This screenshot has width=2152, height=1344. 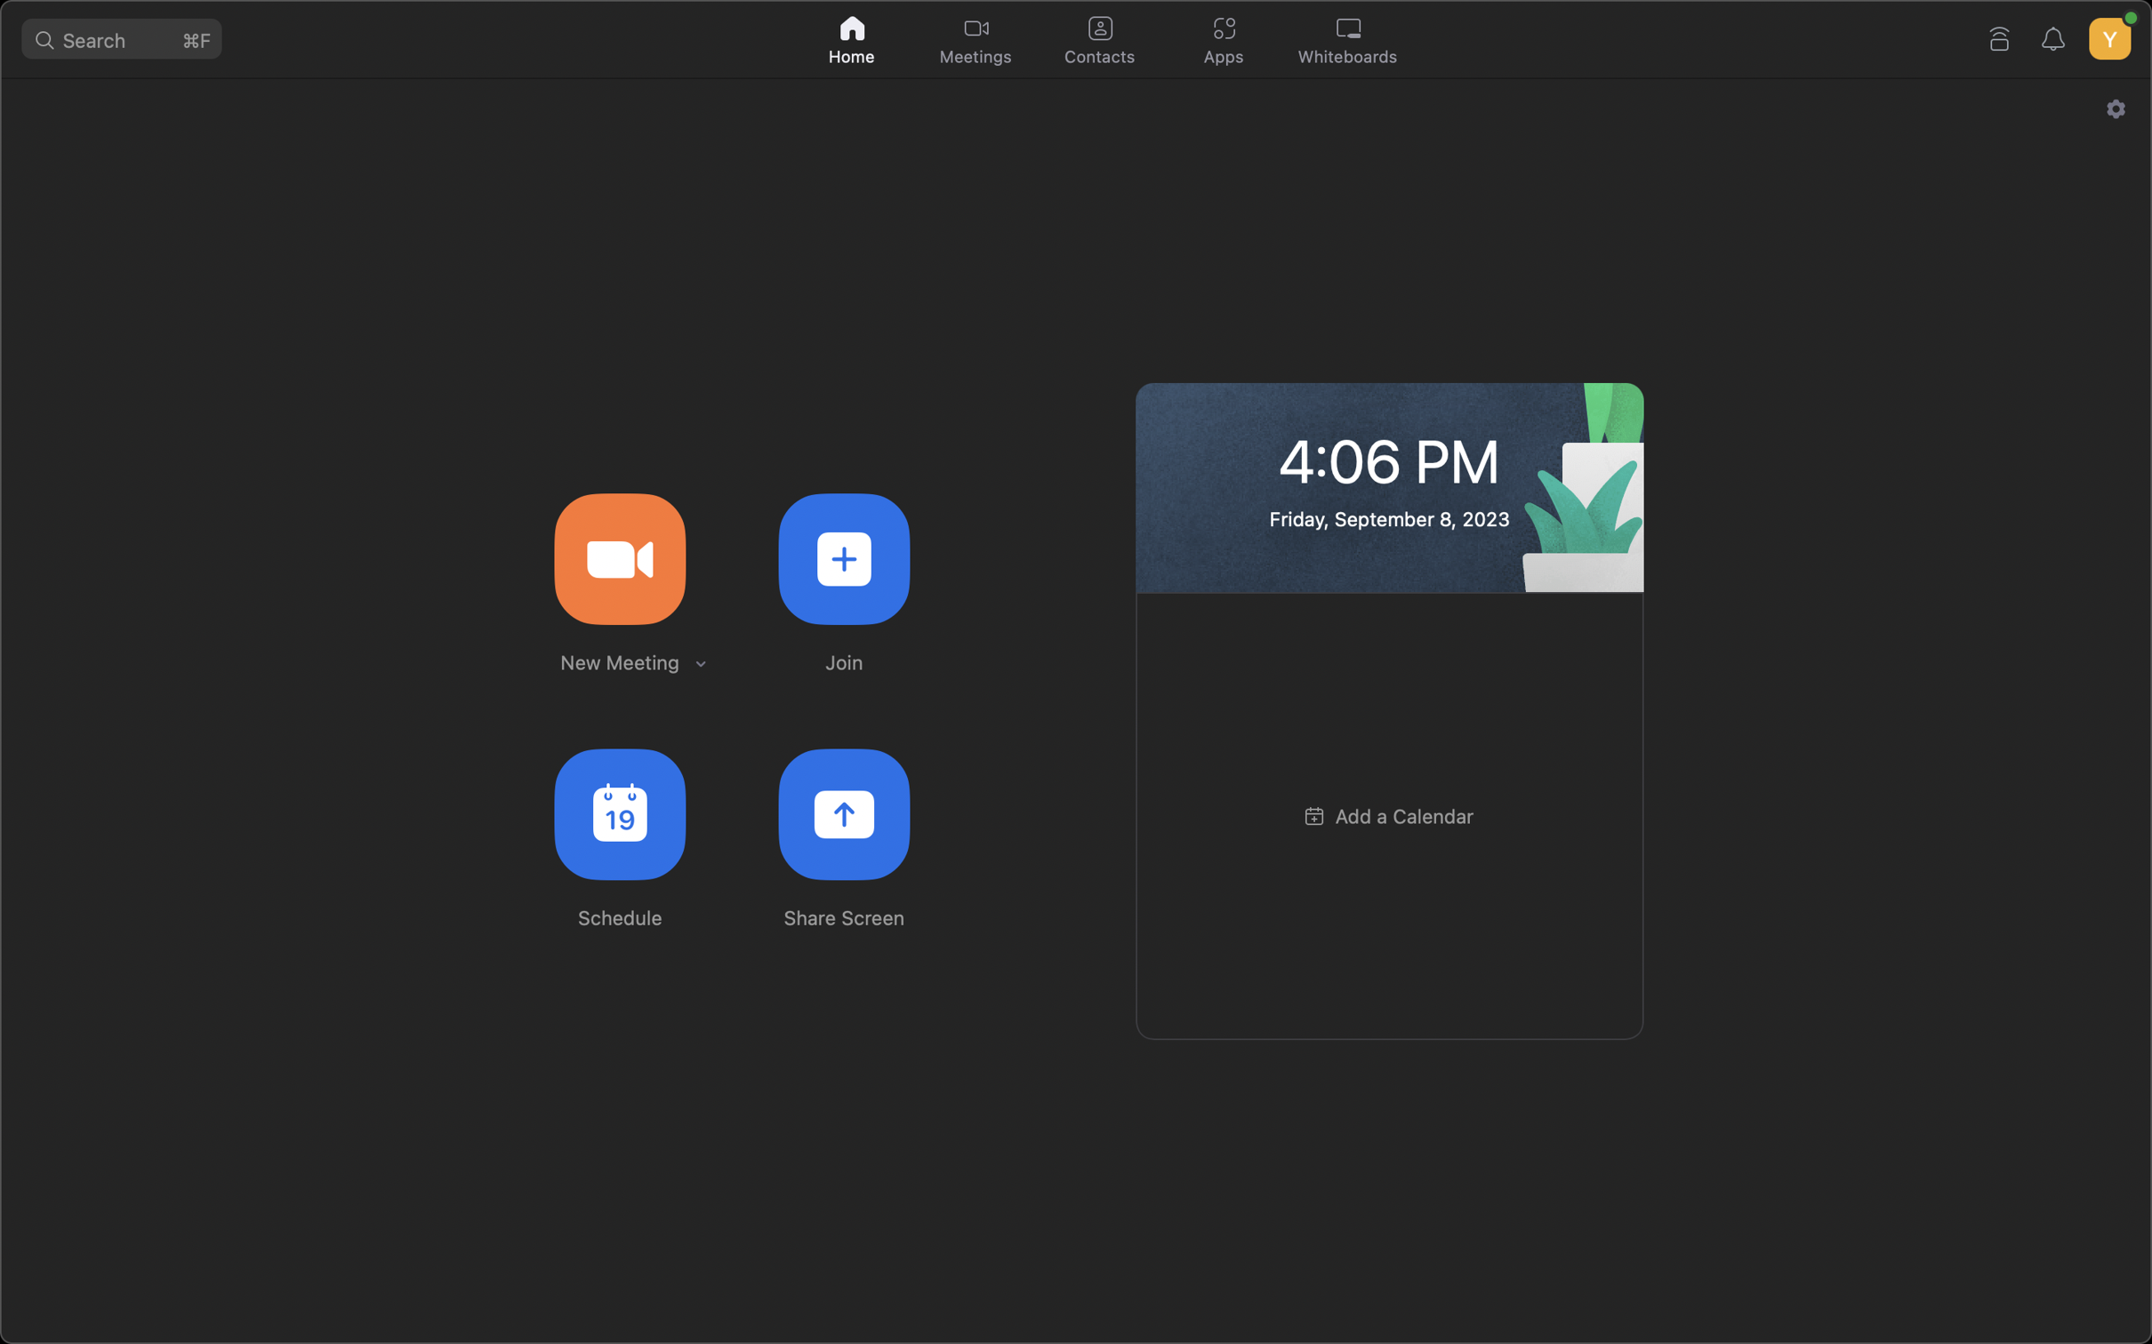 What do you see at coordinates (843, 556) in the screenshot?
I see `Join a meeting with the ID 123456789` at bounding box center [843, 556].